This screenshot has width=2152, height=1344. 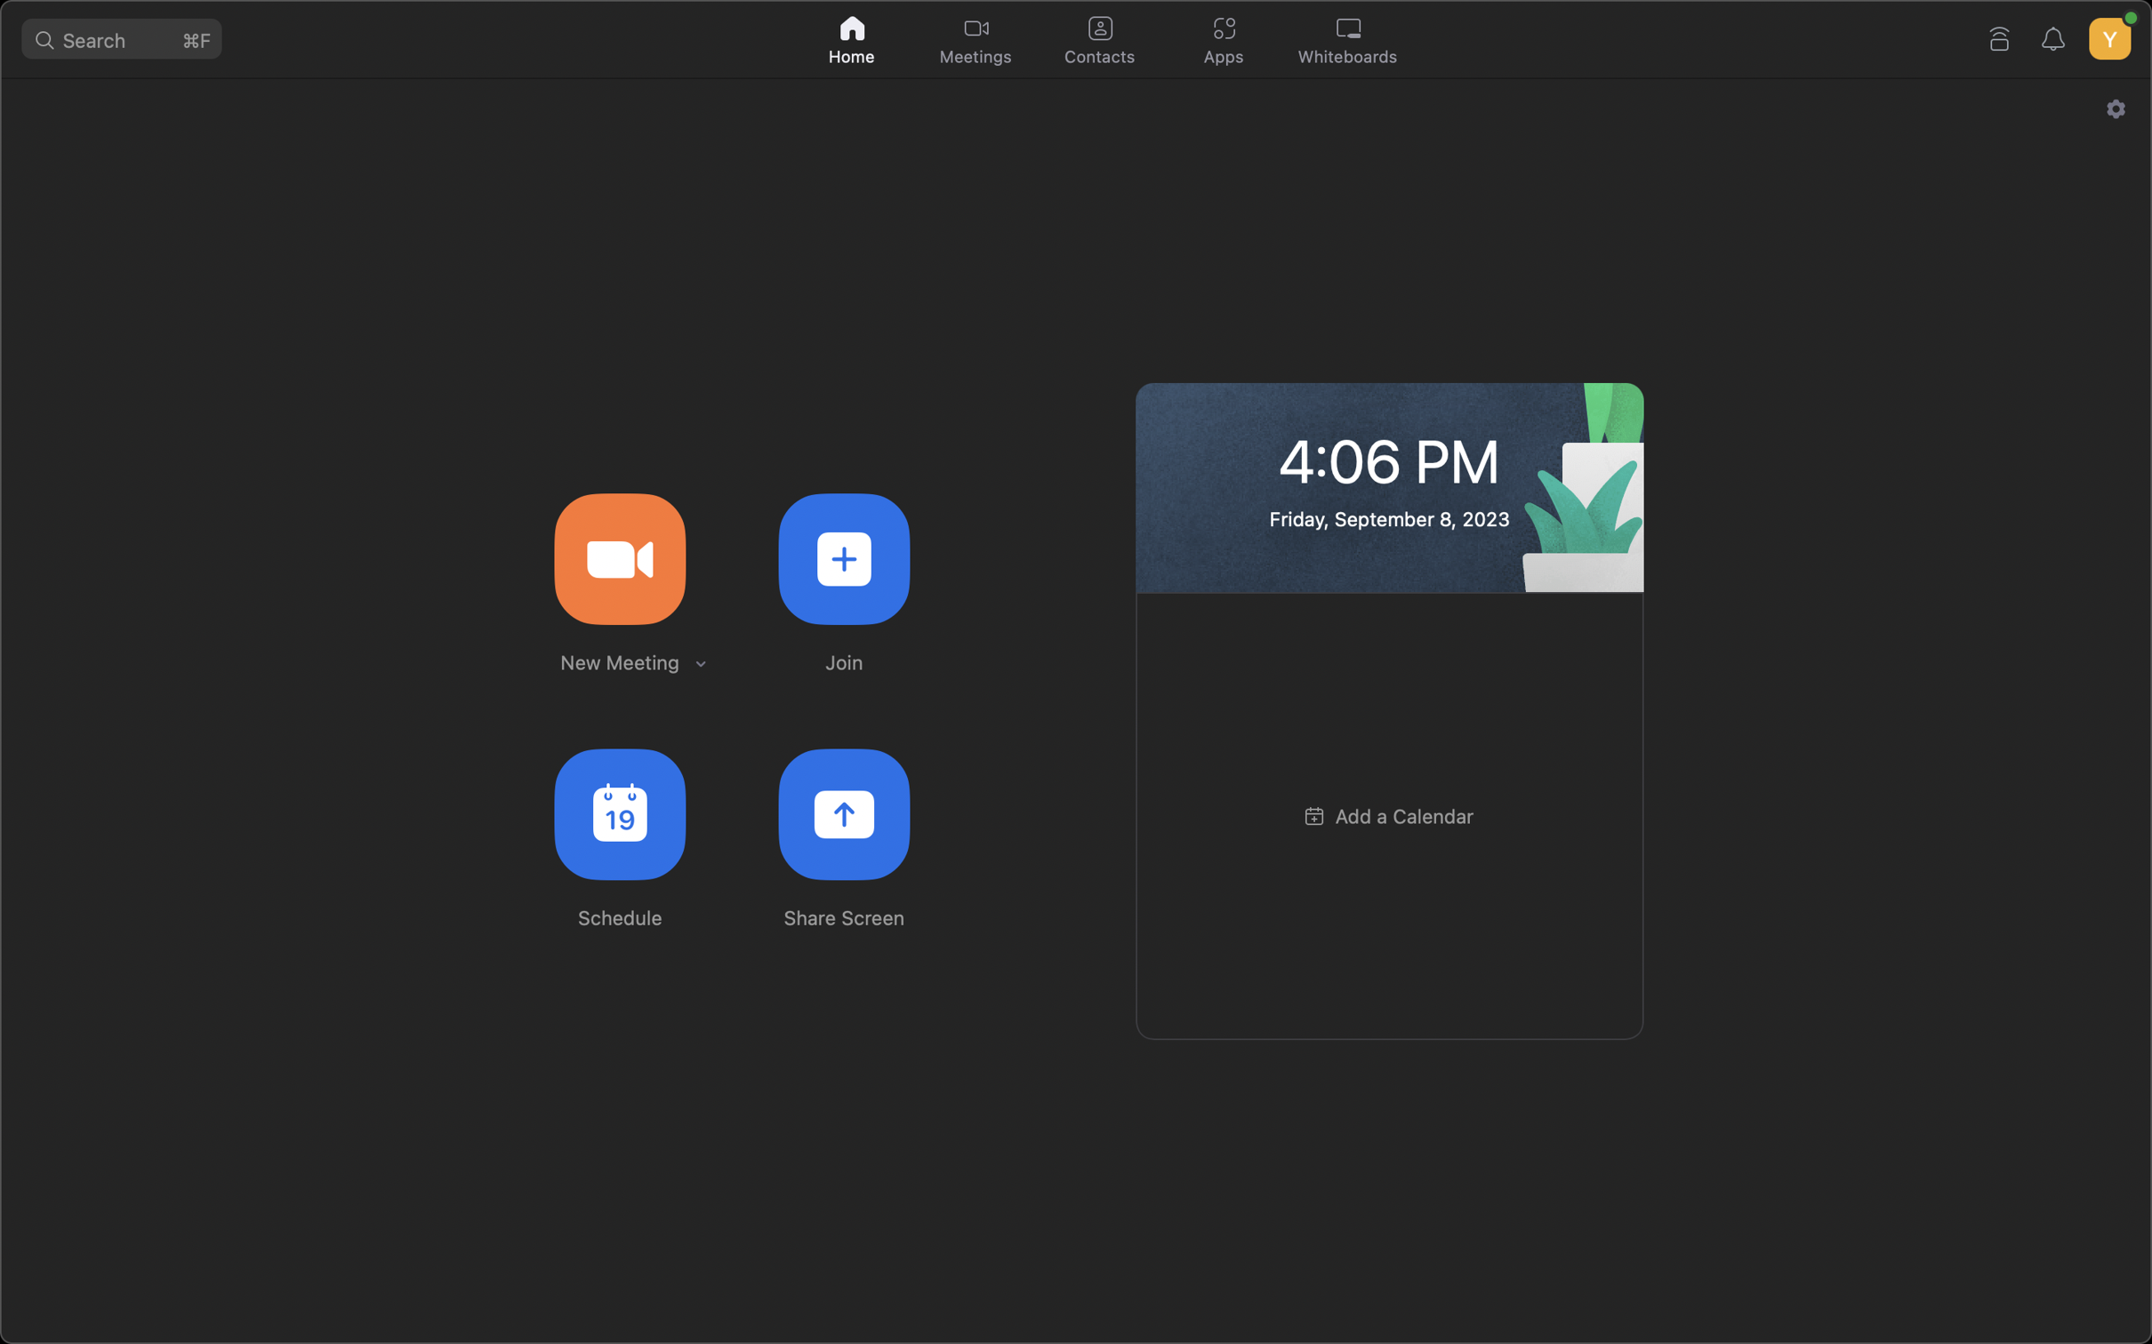 What do you see at coordinates (843, 556) in the screenshot?
I see `Join a meeting with the ID 123456789` at bounding box center [843, 556].